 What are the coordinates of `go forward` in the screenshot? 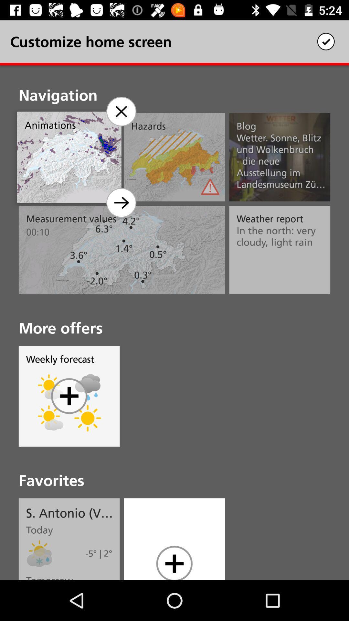 It's located at (121, 202).